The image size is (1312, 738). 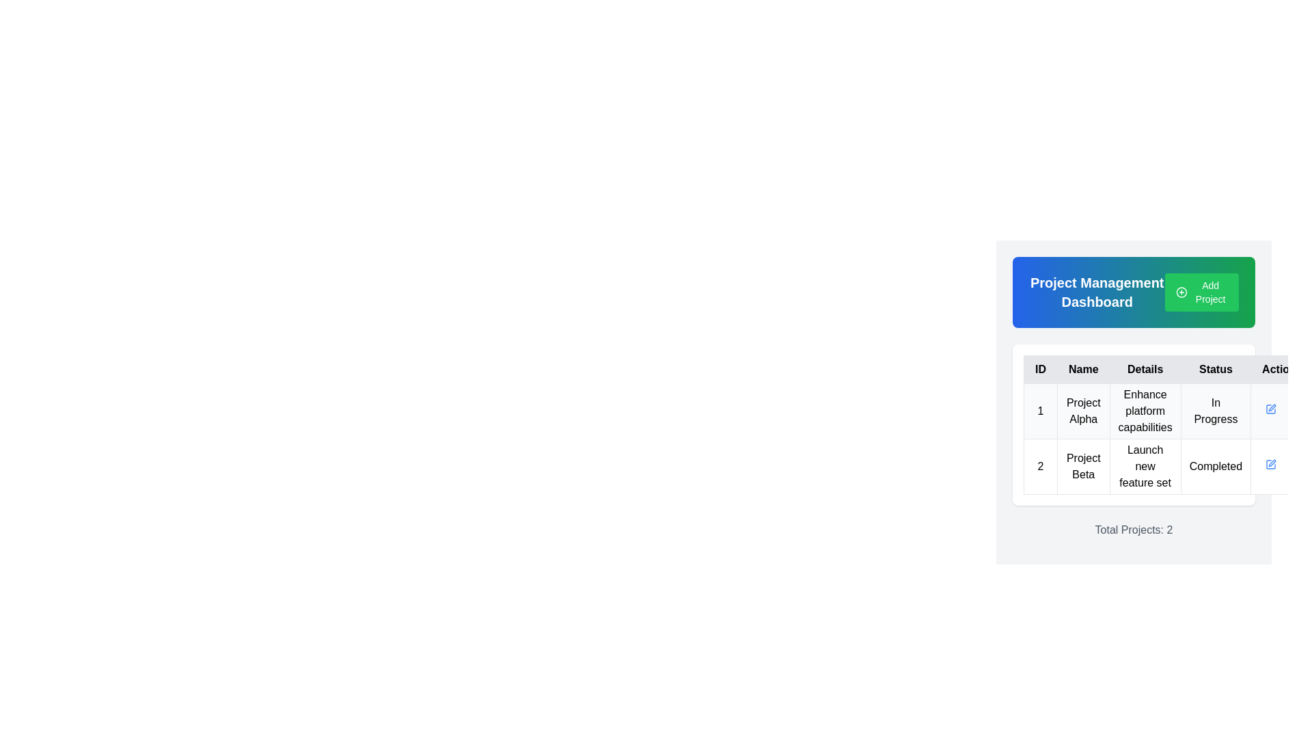 What do you see at coordinates (1134, 292) in the screenshot?
I see `the title text of the project management dashboard header located at the top of the interface, which includes a label and an actionable button` at bounding box center [1134, 292].